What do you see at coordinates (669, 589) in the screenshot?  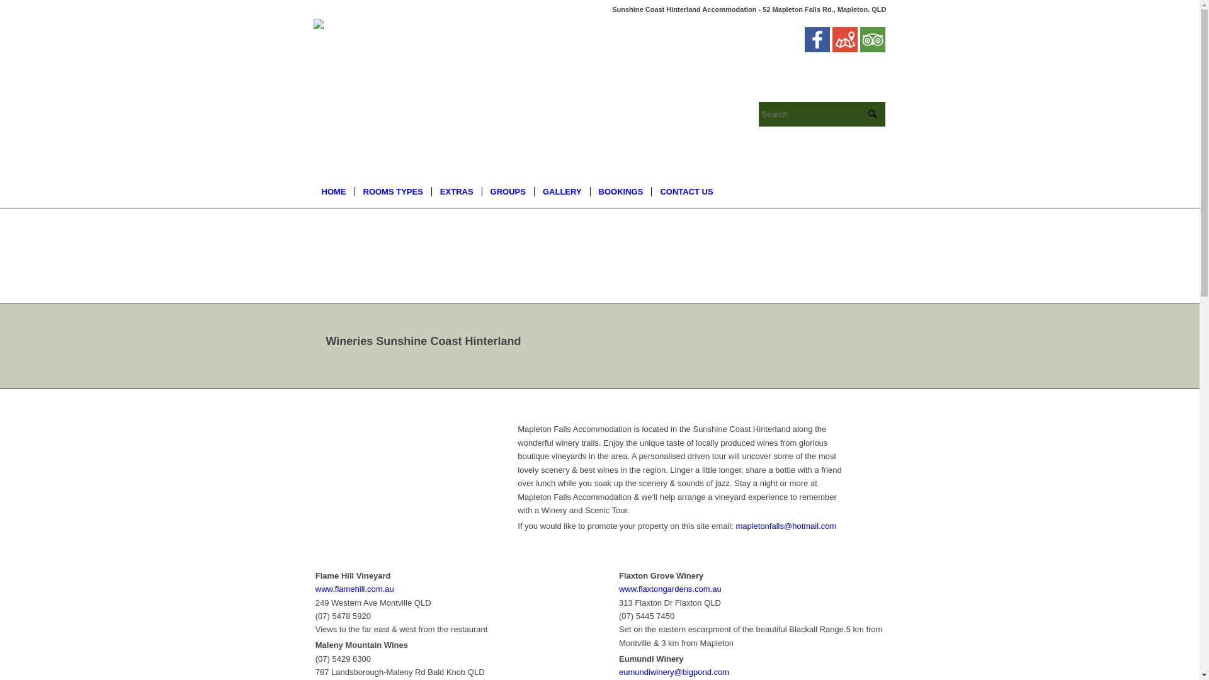 I see `'www.flaxtongardens.com.au'` at bounding box center [669, 589].